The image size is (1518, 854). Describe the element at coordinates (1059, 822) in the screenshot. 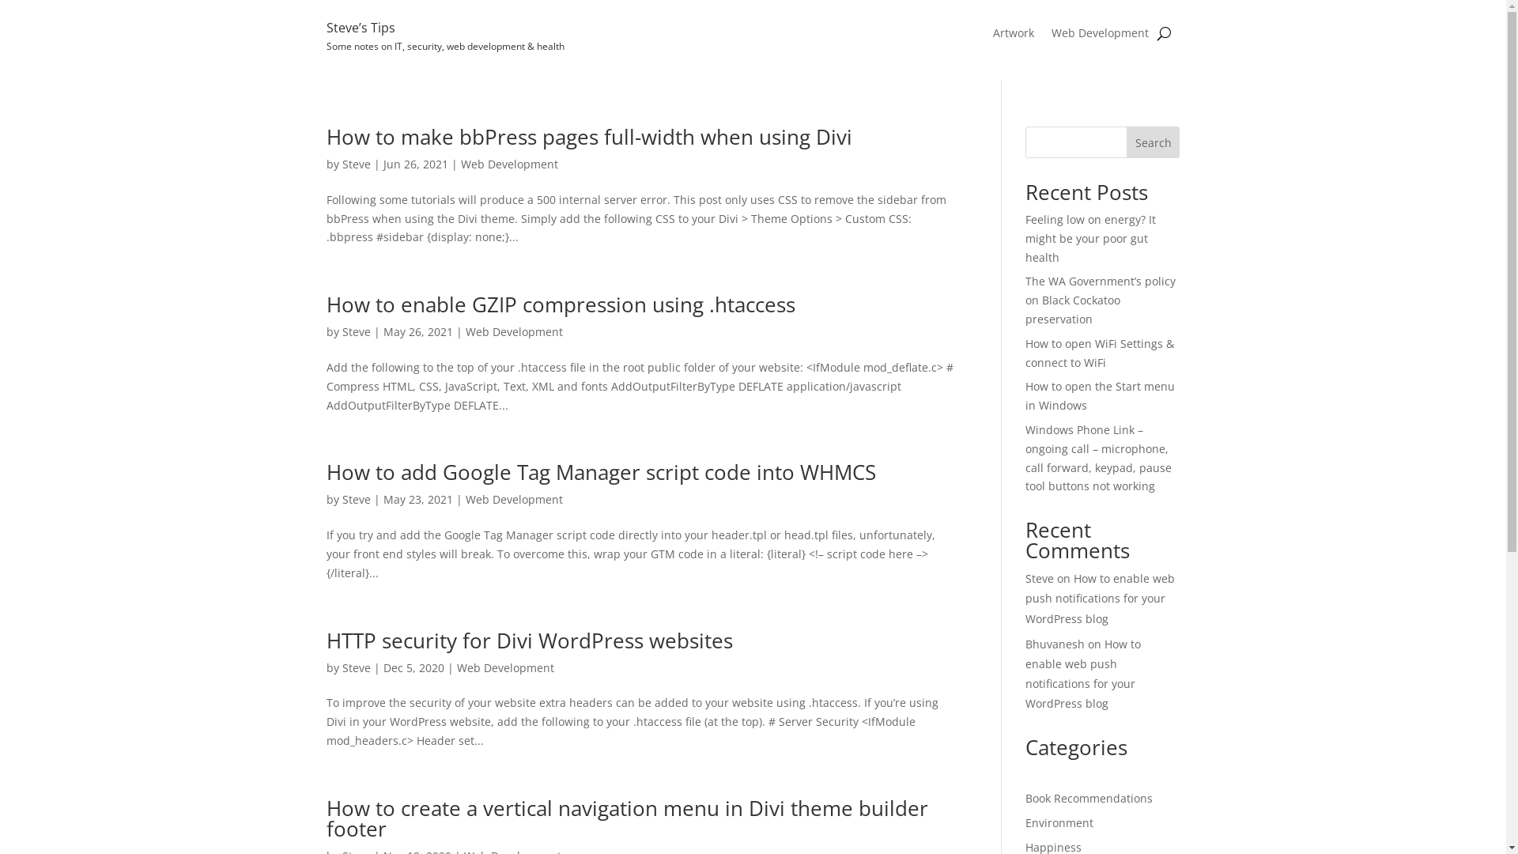

I see `'Environment'` at that location.